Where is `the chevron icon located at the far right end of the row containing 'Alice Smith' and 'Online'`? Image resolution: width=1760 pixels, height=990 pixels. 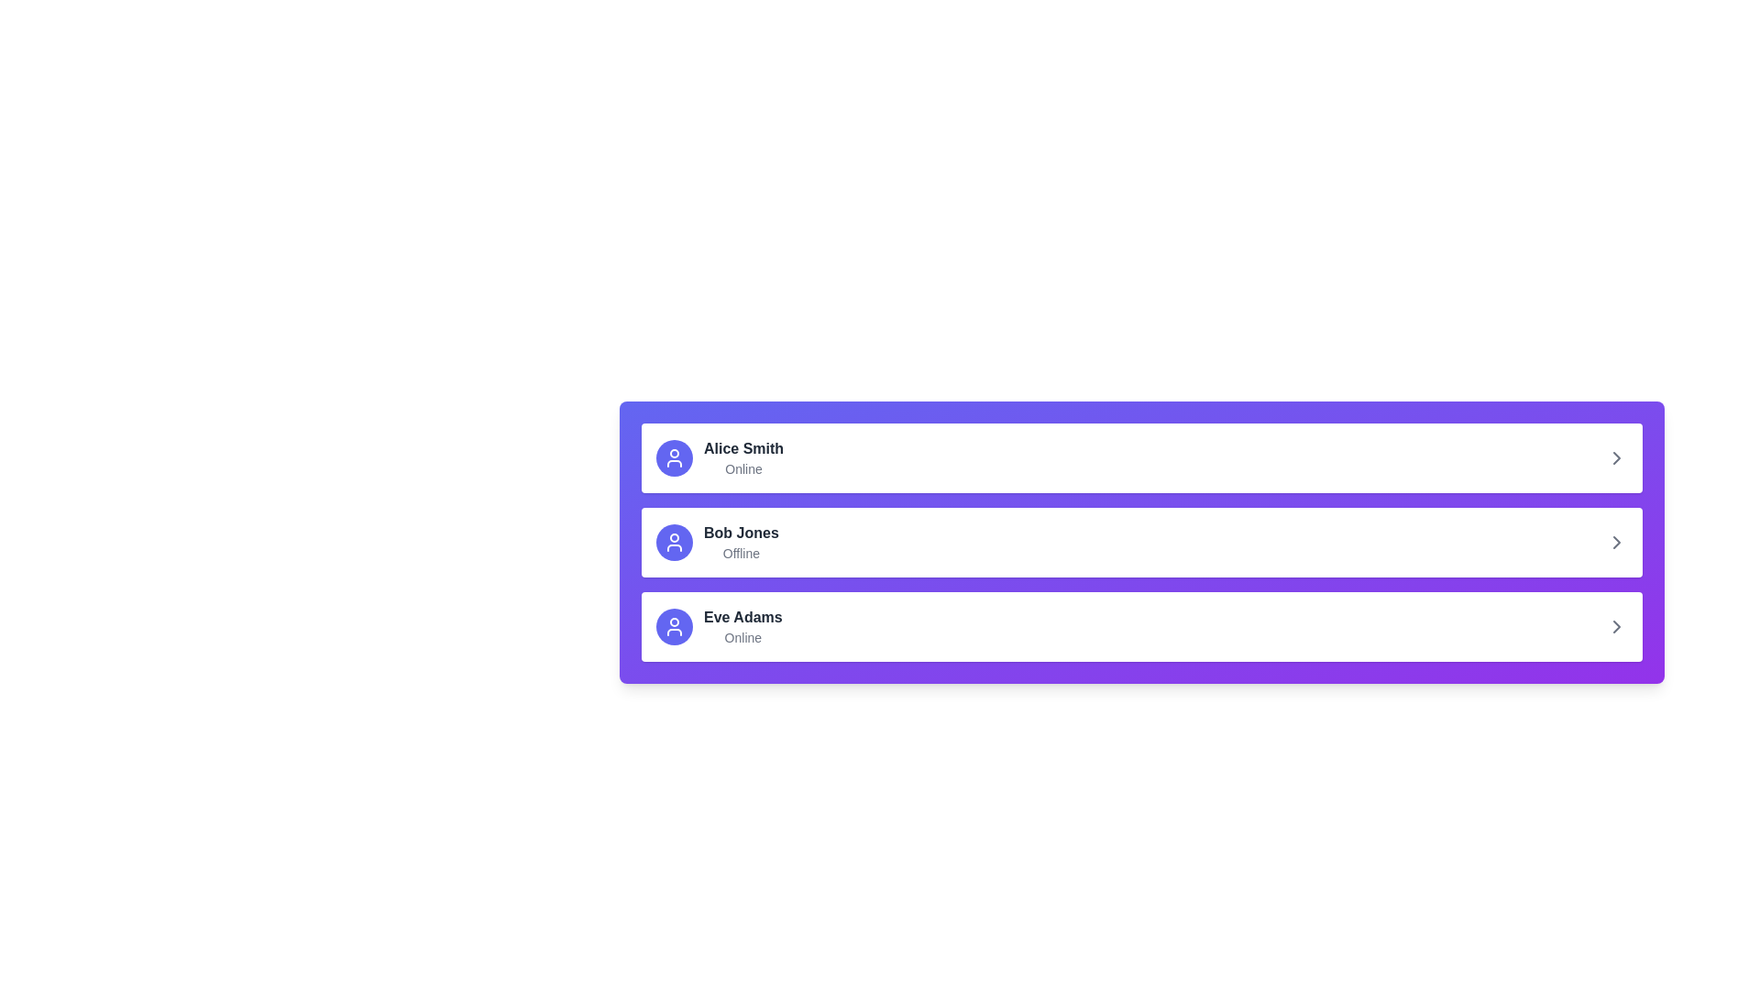 the chevron icon located at the far right end of the row containing 'Alice Smith' and 'Online' is located at coordinates (1616, 457).